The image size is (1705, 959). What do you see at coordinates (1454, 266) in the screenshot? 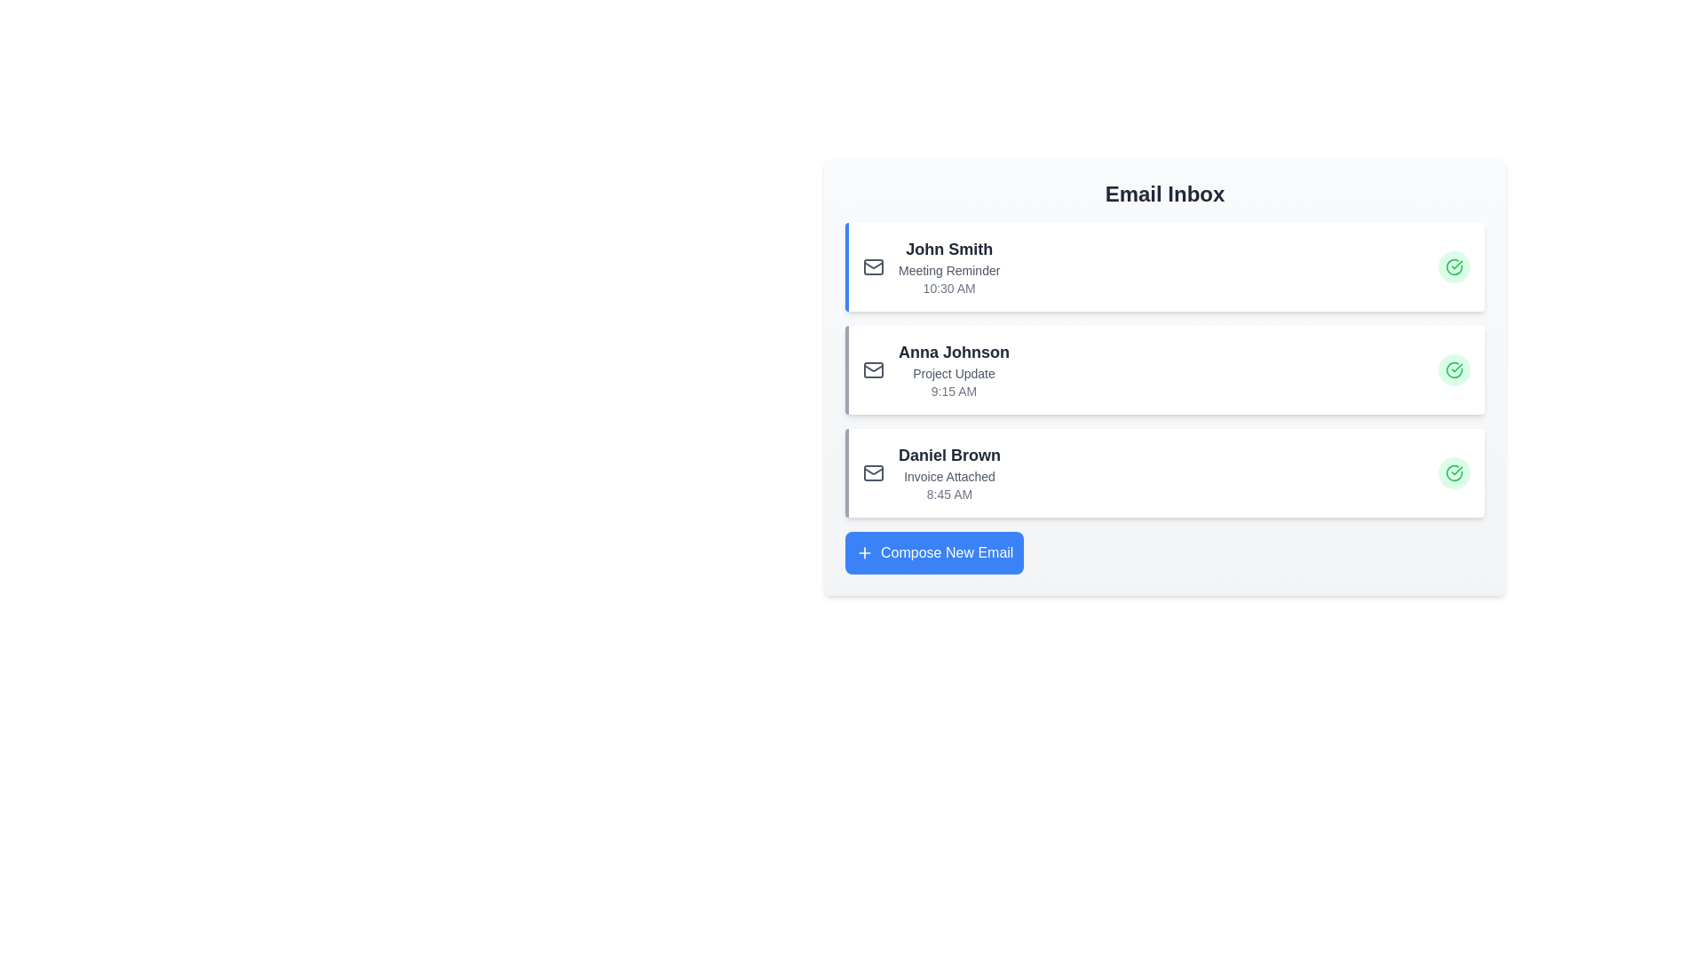
I see `the green check button for the email with the sender John Smith` at bounding box center [1454, 266].